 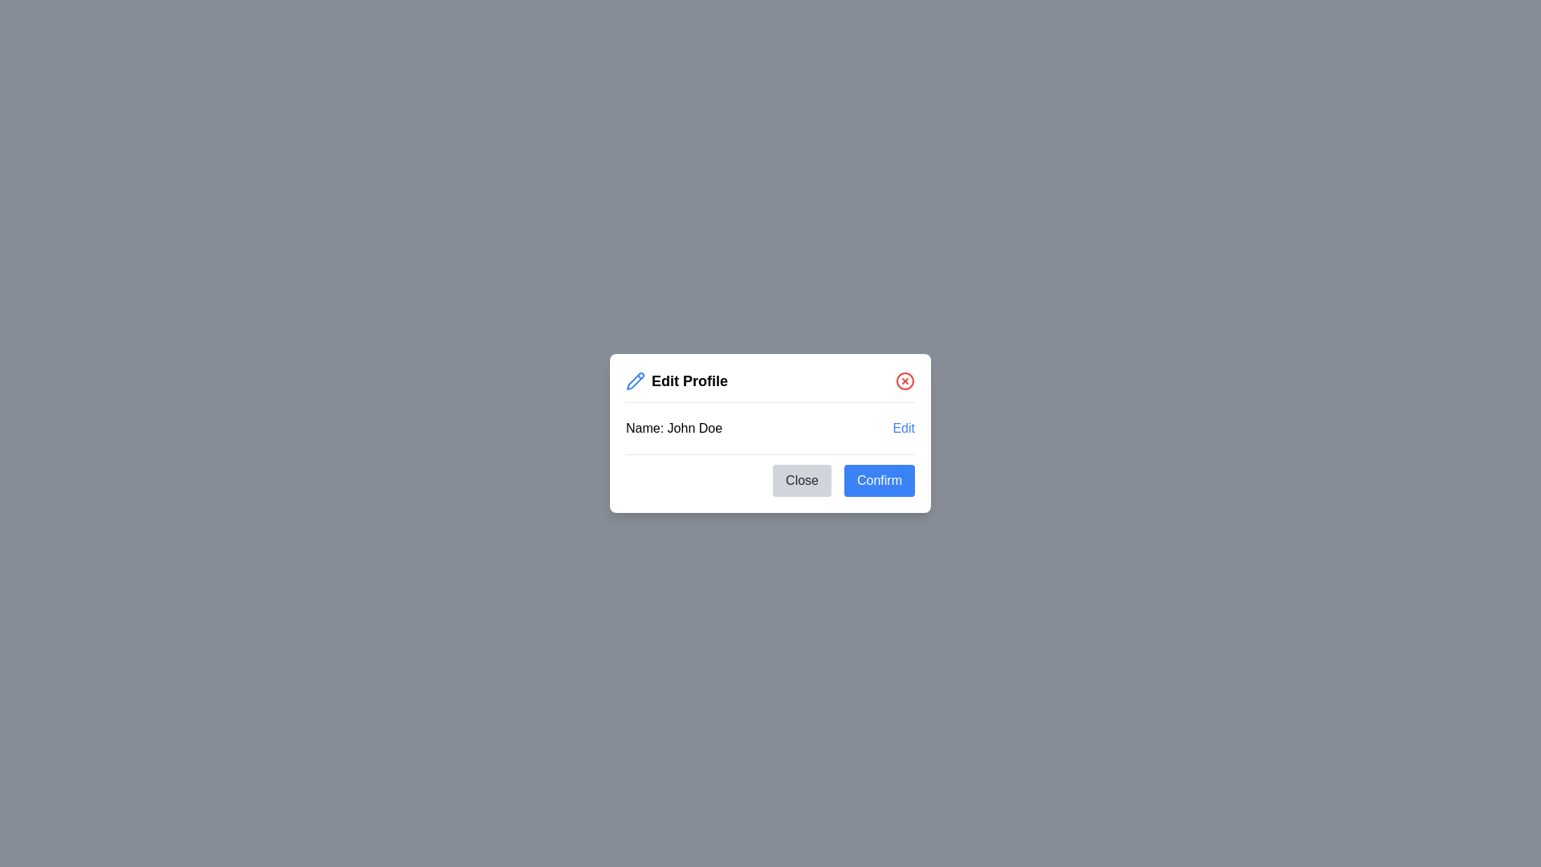 I want to click on the label displaying 'Name: John Doe', located to the left of the 'Edit' button in the pop-up window, so click(x=674, y=427).